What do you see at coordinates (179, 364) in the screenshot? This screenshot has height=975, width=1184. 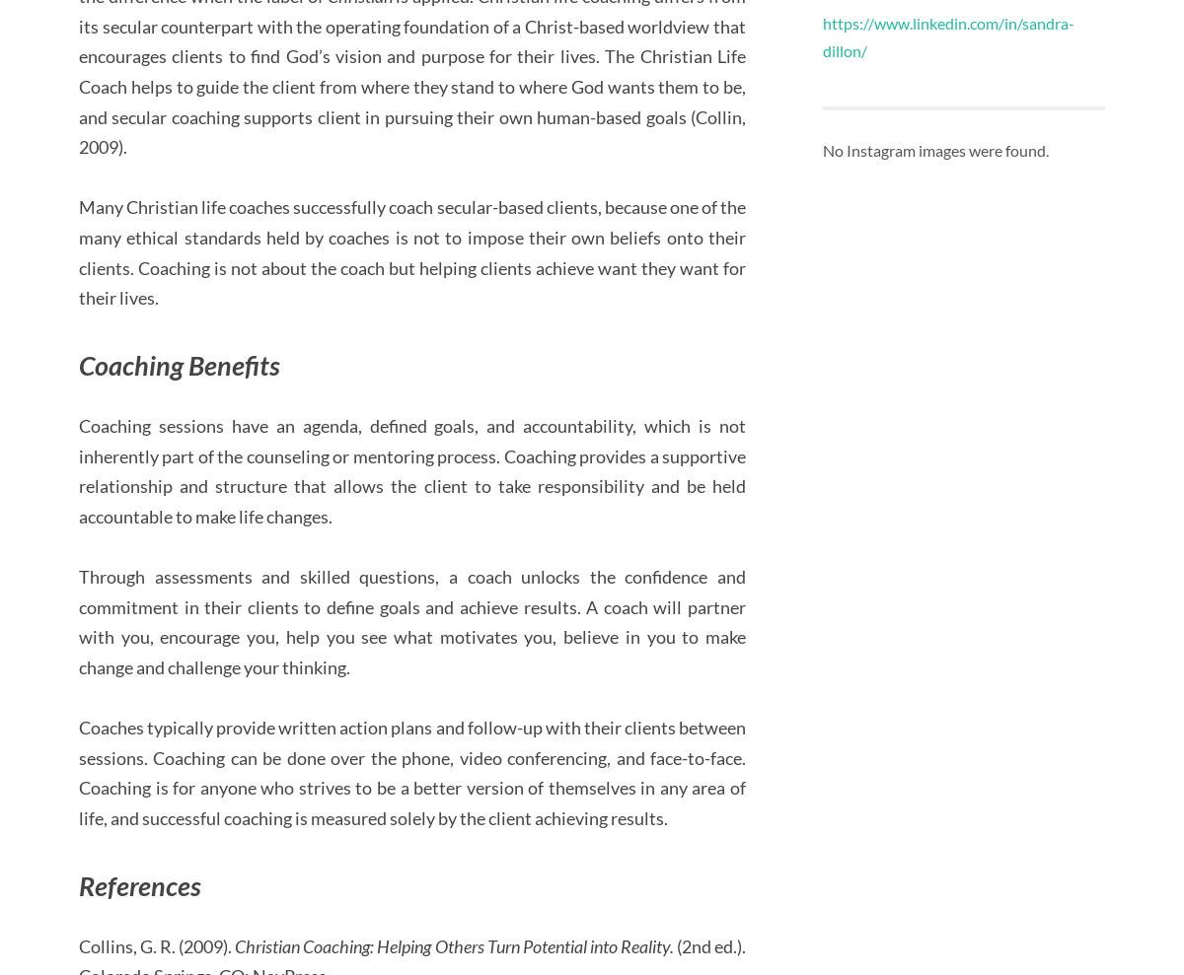 I see `'Coaching Benefits'` at bounding box center [179, 364].